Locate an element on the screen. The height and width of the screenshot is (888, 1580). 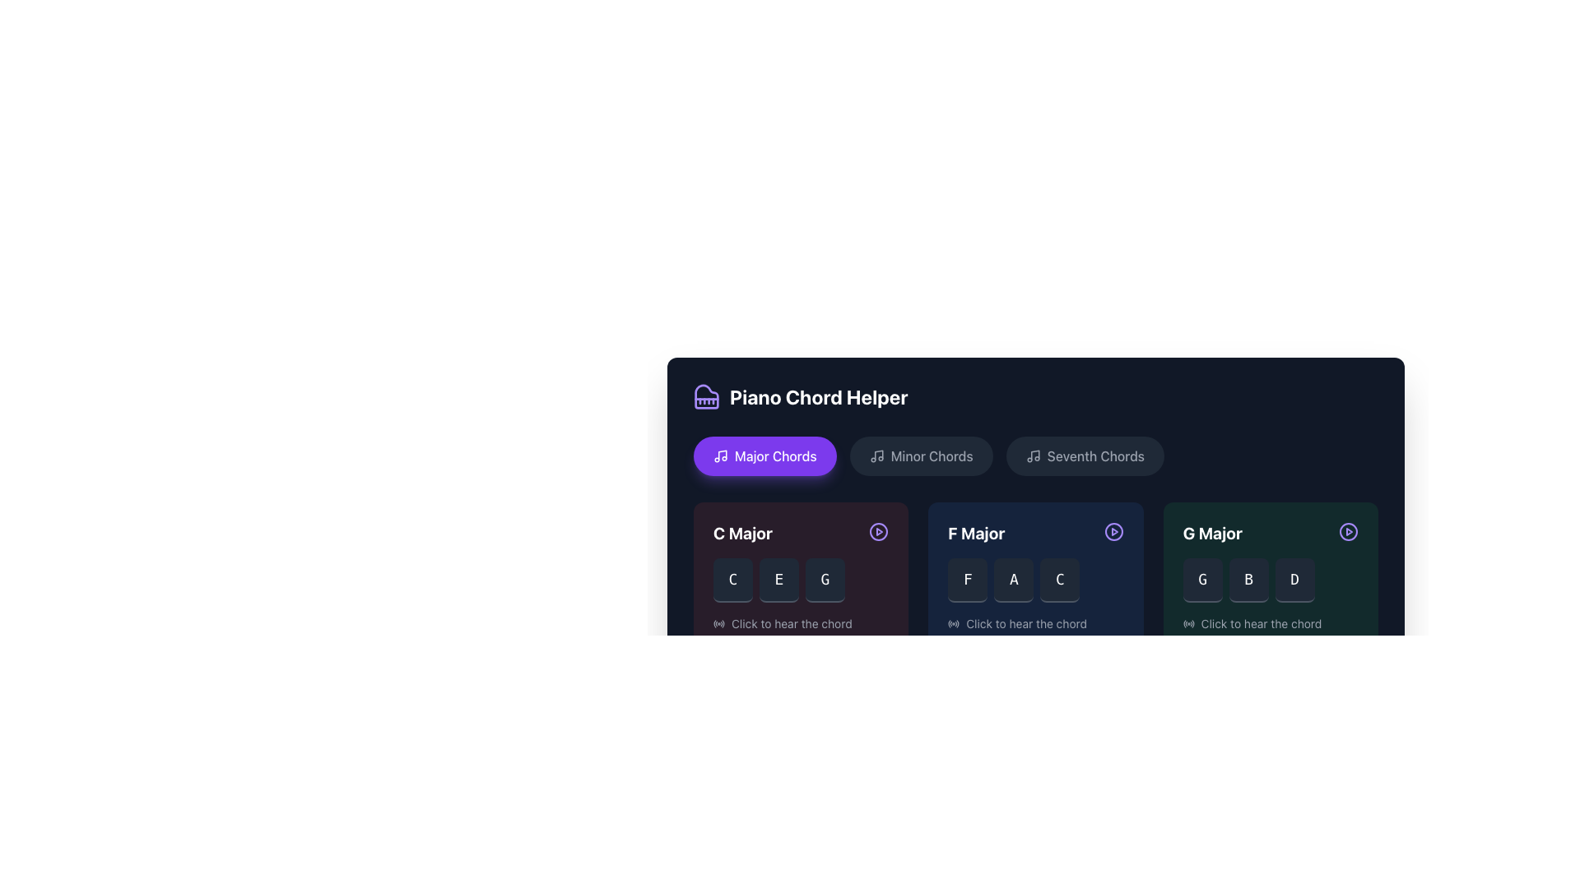
the interactive card element in the grid layout displaying musical chords is located at coordinates (1034, 576).